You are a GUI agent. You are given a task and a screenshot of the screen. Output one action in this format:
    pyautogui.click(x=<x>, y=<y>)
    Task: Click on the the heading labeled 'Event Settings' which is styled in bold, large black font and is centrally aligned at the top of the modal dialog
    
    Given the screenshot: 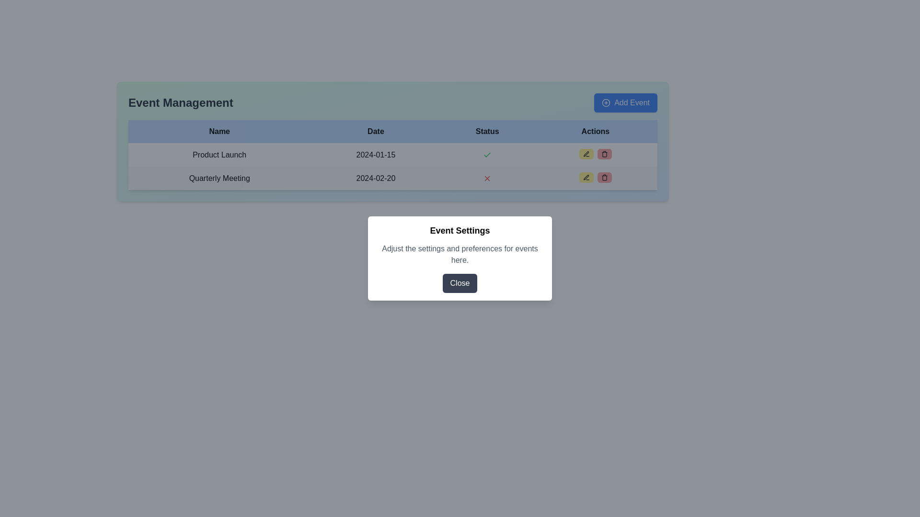 What is the action you would take?
    pyautogui.click(x=460, y=231)
    